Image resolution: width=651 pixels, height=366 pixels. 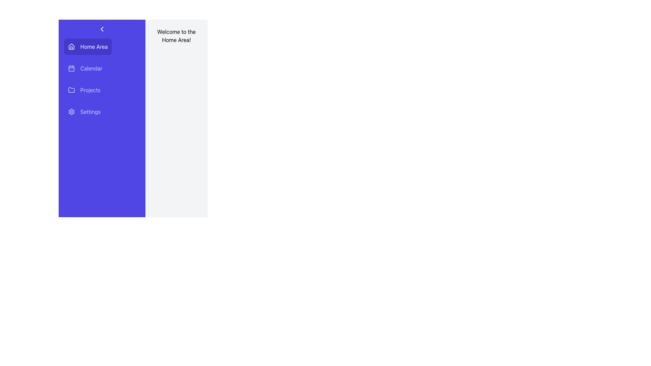 I want to click on the 'Calendar' icon located in the sidebar menu, so click(x=72, y=68).